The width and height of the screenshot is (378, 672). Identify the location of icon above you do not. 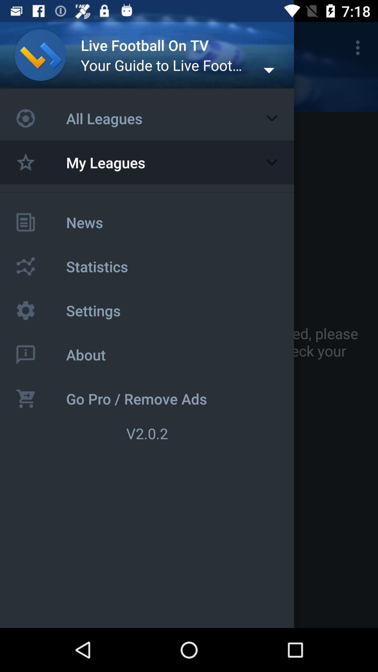
(359, 47).